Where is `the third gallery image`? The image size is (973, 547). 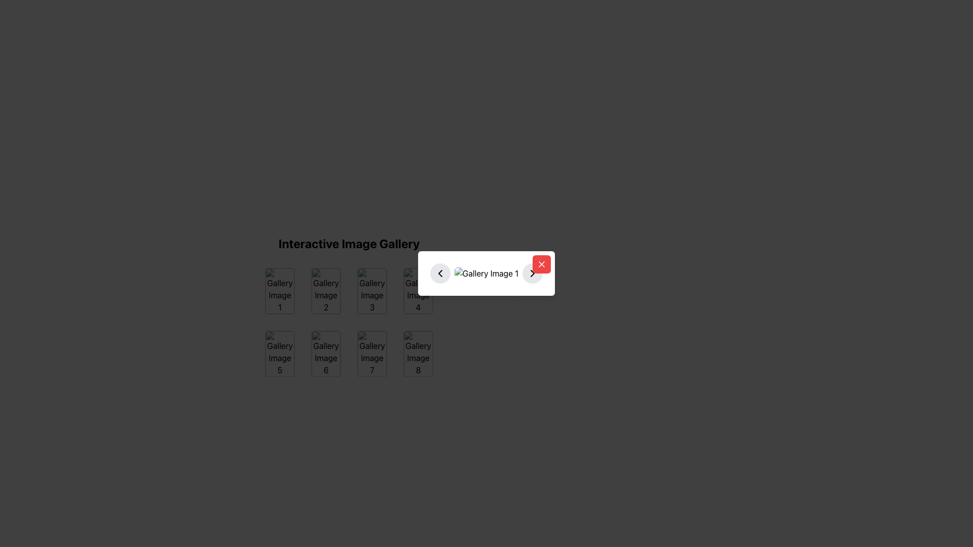
the third gallery image is located at coordinates (371, 291).